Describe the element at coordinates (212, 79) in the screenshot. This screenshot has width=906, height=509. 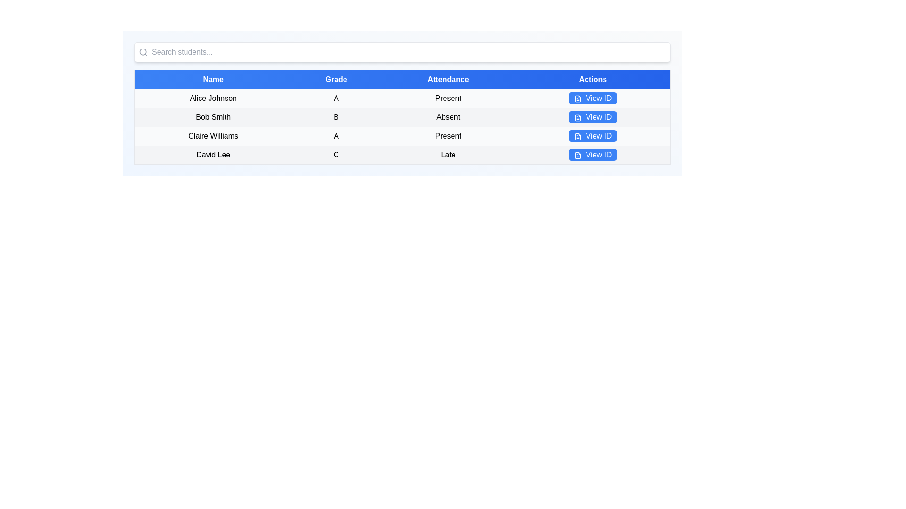
I see `the Header Label labeled 'Name' which is styled with white text on a blue gradient background located at the top-left quarter of the interface` at that location.